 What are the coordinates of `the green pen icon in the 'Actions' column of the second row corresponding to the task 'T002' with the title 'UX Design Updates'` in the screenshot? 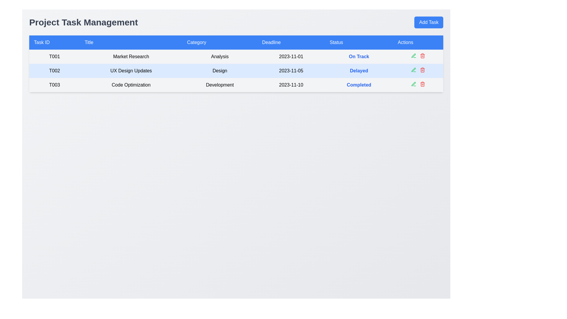 It's located at (413, 84).